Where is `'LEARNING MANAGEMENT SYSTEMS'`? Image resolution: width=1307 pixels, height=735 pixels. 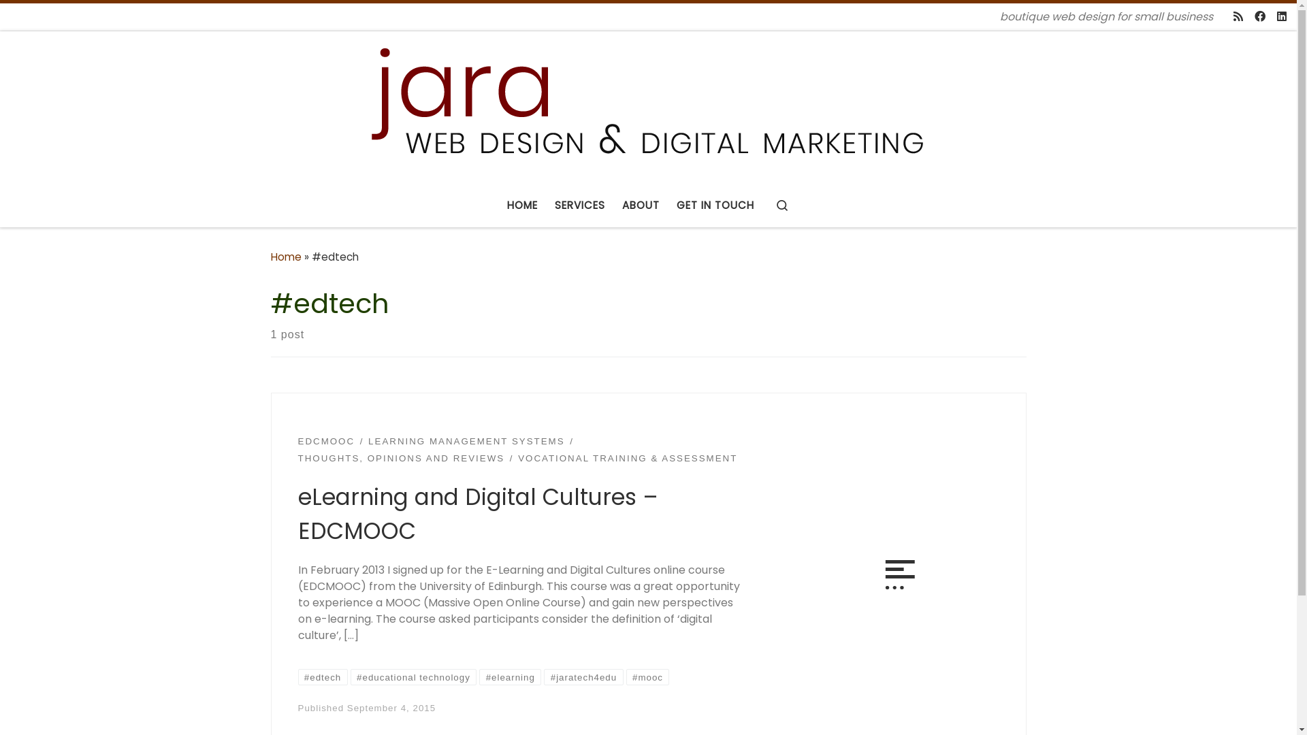 'LEARNING MANAGEMENT SYSTEMS' is located at coordinates (466, 441).